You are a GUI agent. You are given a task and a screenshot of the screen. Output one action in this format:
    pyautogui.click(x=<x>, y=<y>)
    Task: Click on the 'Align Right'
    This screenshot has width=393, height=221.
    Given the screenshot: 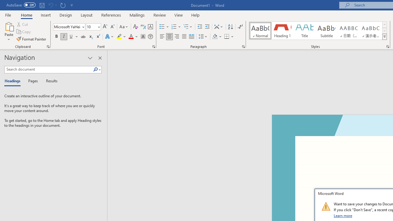 What is the action you would take?
    pyautogui.click(x=177, y=37)
    